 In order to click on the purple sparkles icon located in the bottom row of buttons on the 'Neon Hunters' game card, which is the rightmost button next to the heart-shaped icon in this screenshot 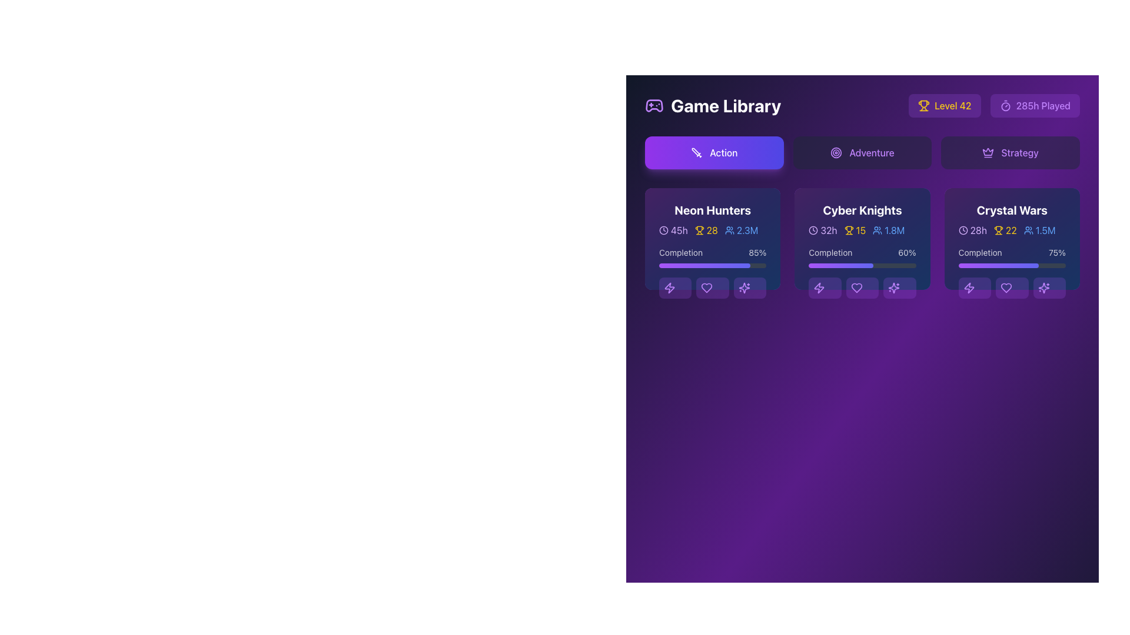, I will do `click(743, 288)`.